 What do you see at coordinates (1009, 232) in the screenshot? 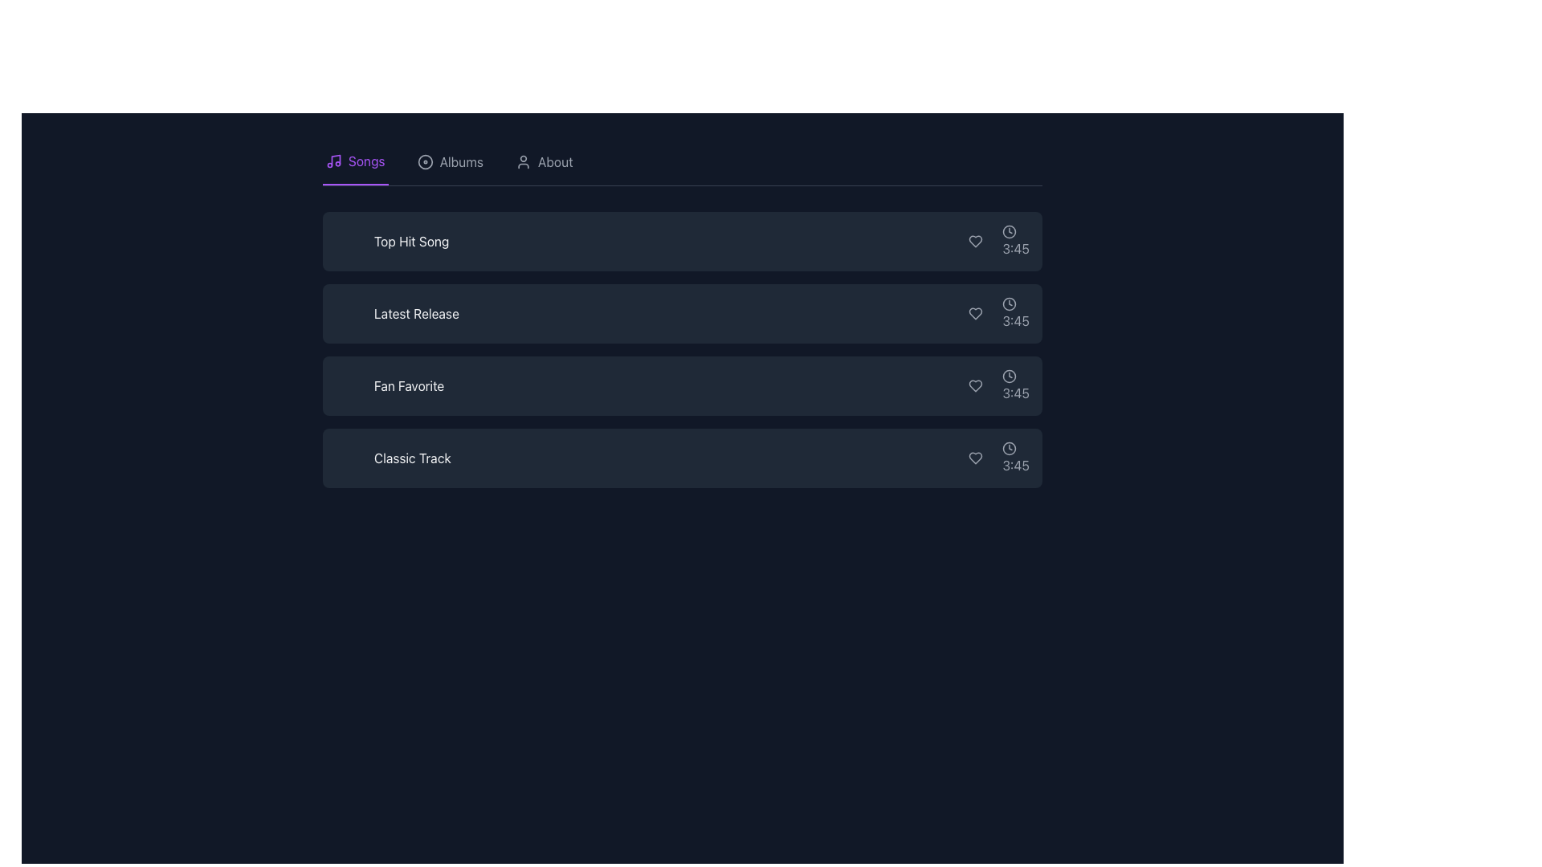
I see `the clock icon representing time, which is a circular outline with clock hands, located in the topmost row next to the duration '3:45'` at bounding box center [1009, 232].